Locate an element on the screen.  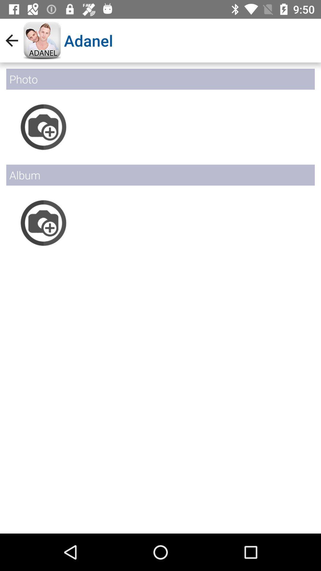
the photo icon is located at coordinates (43, 127).